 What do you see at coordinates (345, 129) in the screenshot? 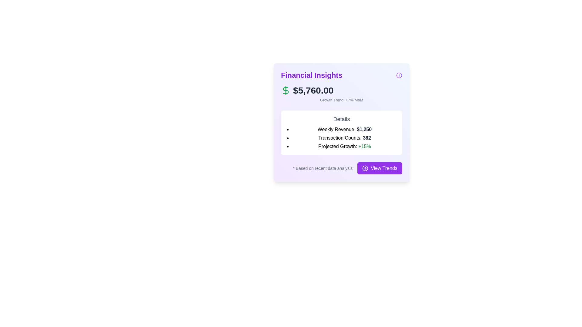
I see `the first bullet point in the 'Details' section of the 'Financial Insights' card` at bounding box center [345, 129].